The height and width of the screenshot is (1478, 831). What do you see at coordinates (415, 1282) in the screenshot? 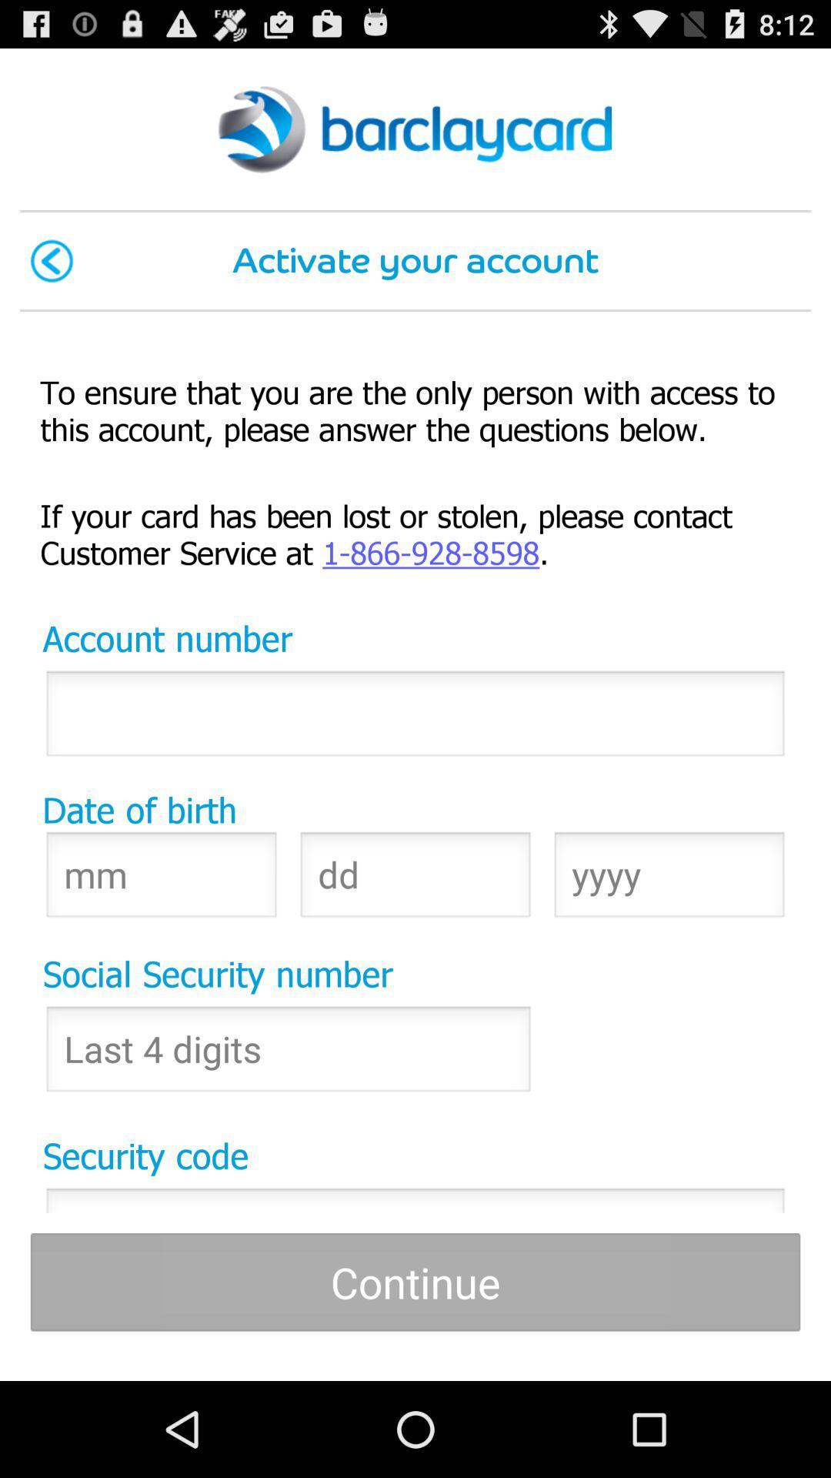
I see `the continue` at bounding box center [415, 1282].